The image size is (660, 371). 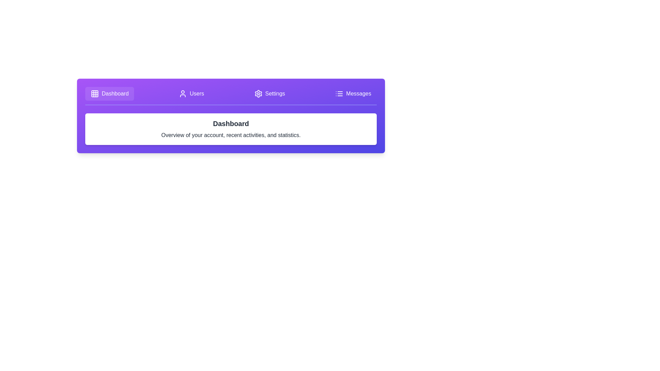 I want to click on the 'Users' text label in the navigation bar, so click(x=196, y=94).